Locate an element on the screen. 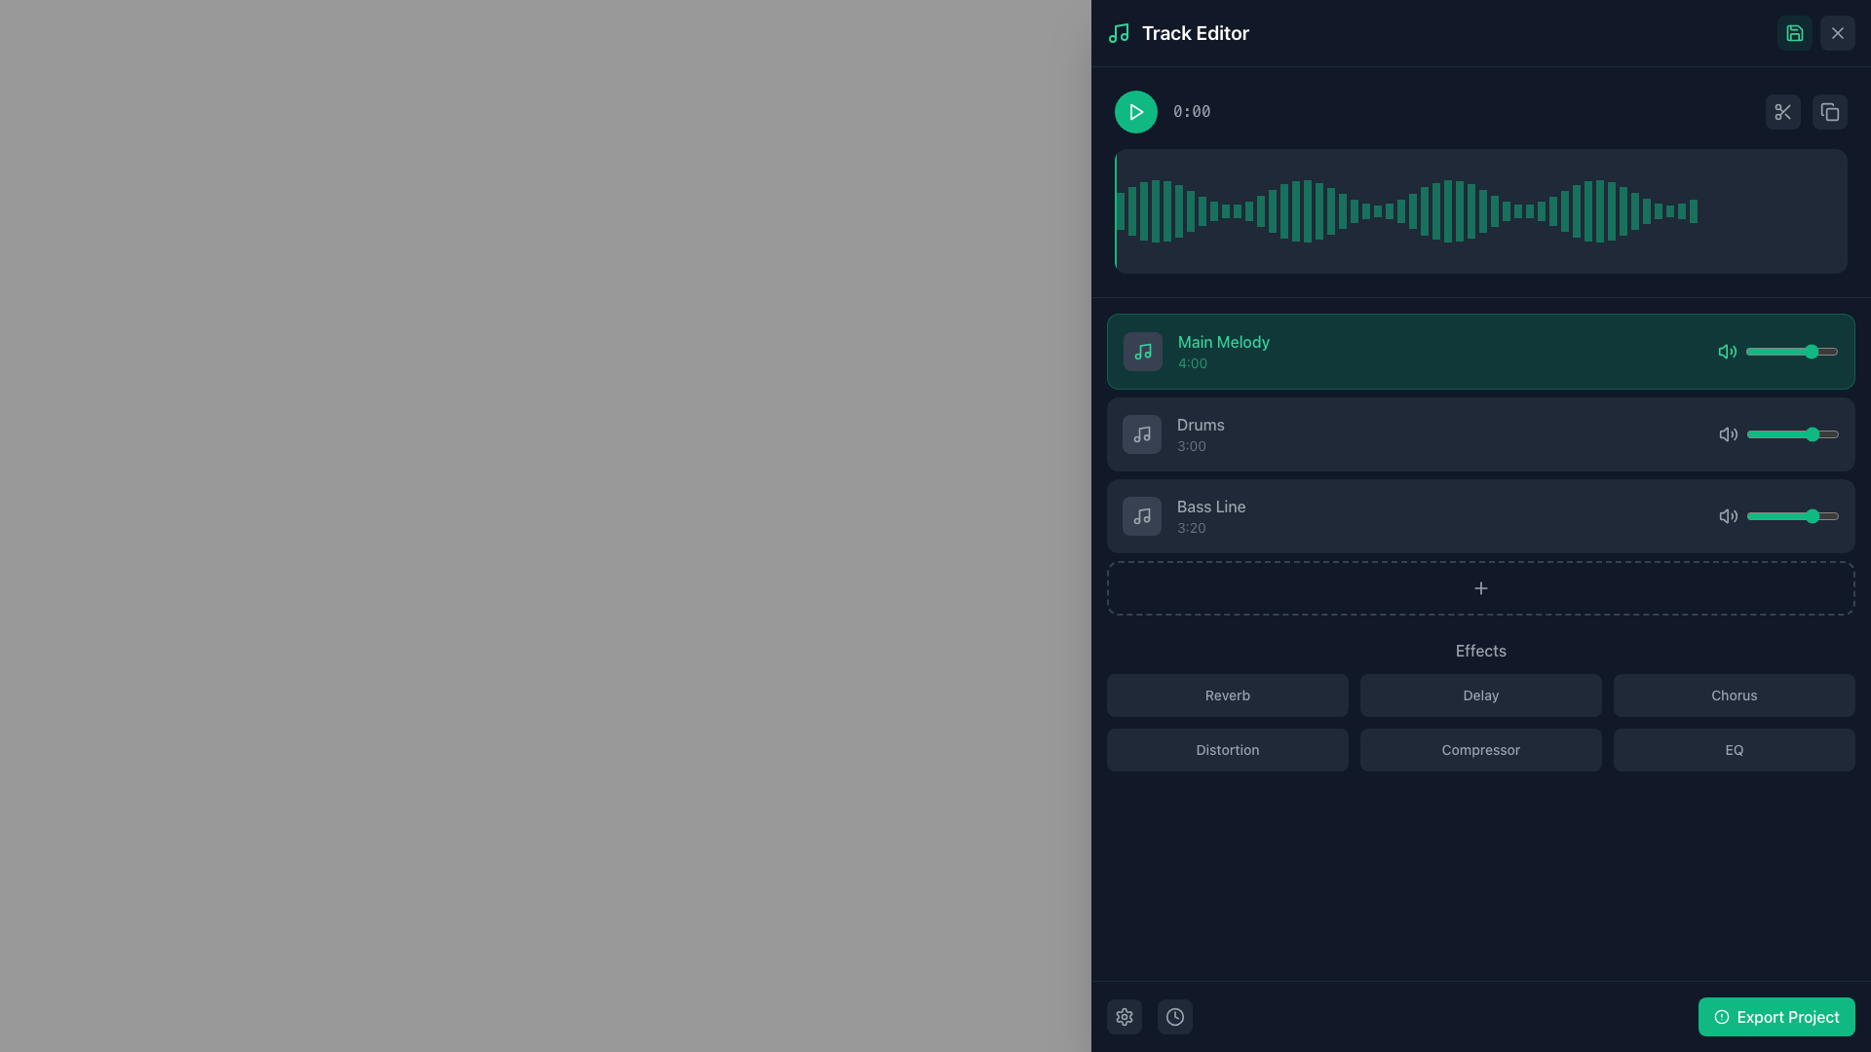 The image size is (1871, 1052). the button located at the bottom of the music track list is located at coordinates (1481, 587).